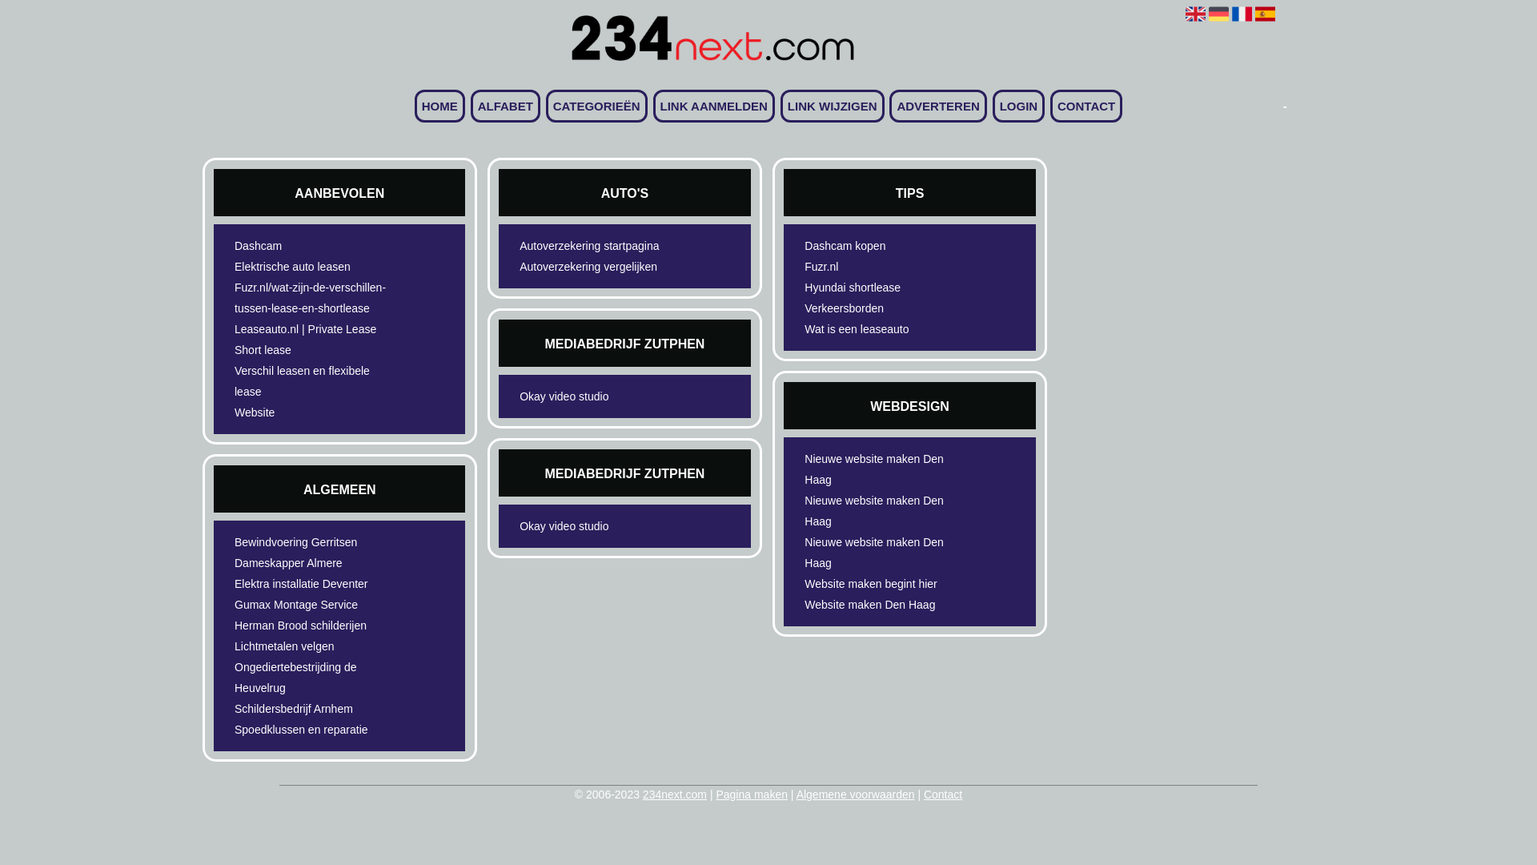 This screenshot has width=1537, height=865. What do you see at coordinates (229, 561) in the screenshot?
I see `'Dameskapper Almere'` at bounding box center [229, 561].